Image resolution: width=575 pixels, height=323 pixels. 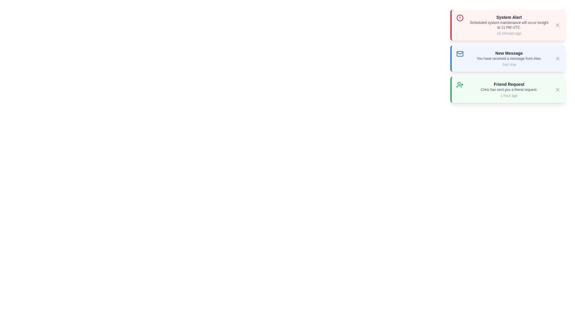 I want to click on the top left stroke of the 'X' shape close button located in the top right corner of the 'System Alert' notification card, so click(x=557, y=25).